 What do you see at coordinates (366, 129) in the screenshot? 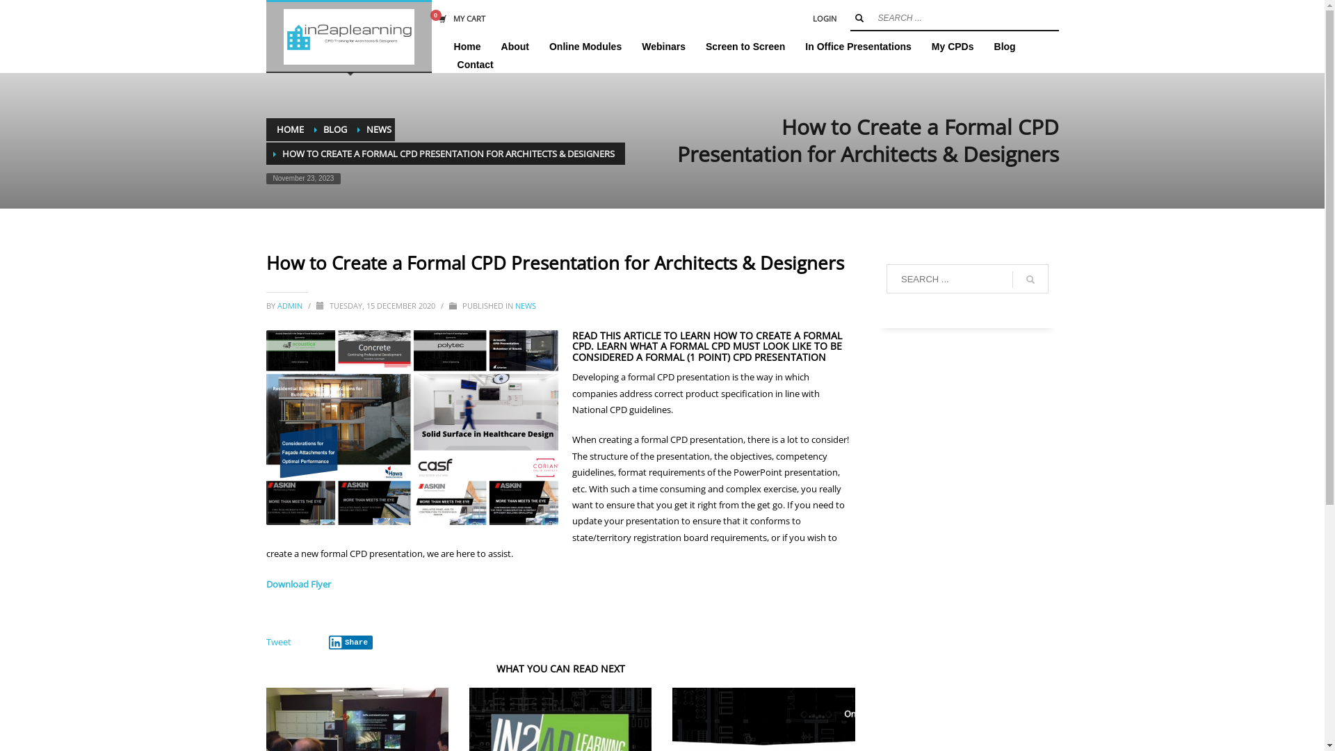
I see `'NEWS'` at bounding box center [366, 129].